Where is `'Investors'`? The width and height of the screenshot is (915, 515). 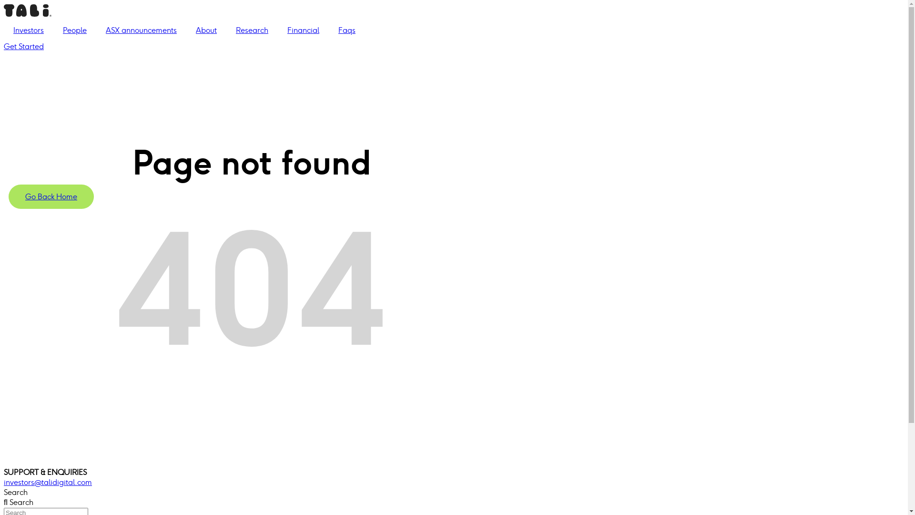
'Investors' is located at coordinates (28, 30).